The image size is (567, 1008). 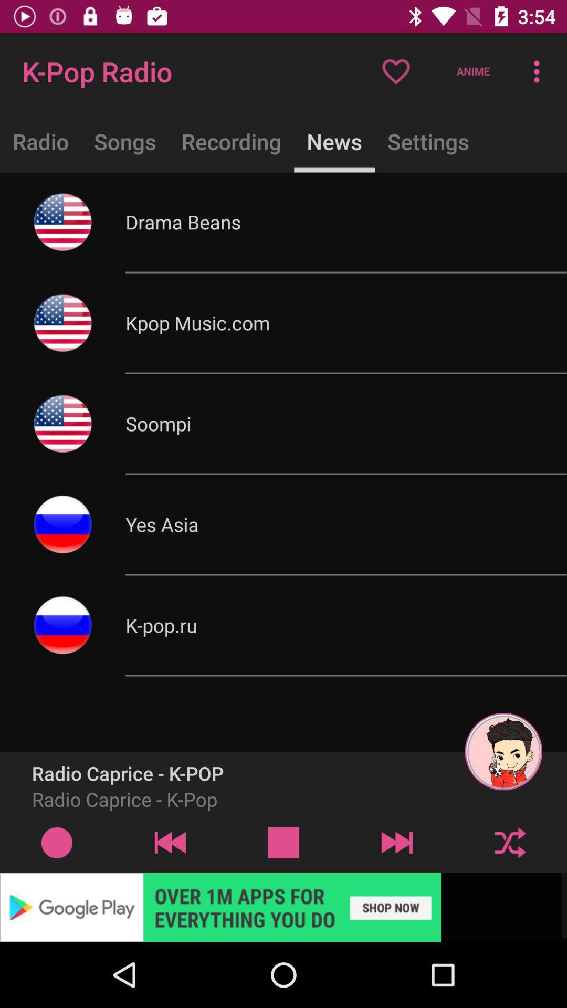 I want to click on the av_rewind icon, so click(x=170, y=842).